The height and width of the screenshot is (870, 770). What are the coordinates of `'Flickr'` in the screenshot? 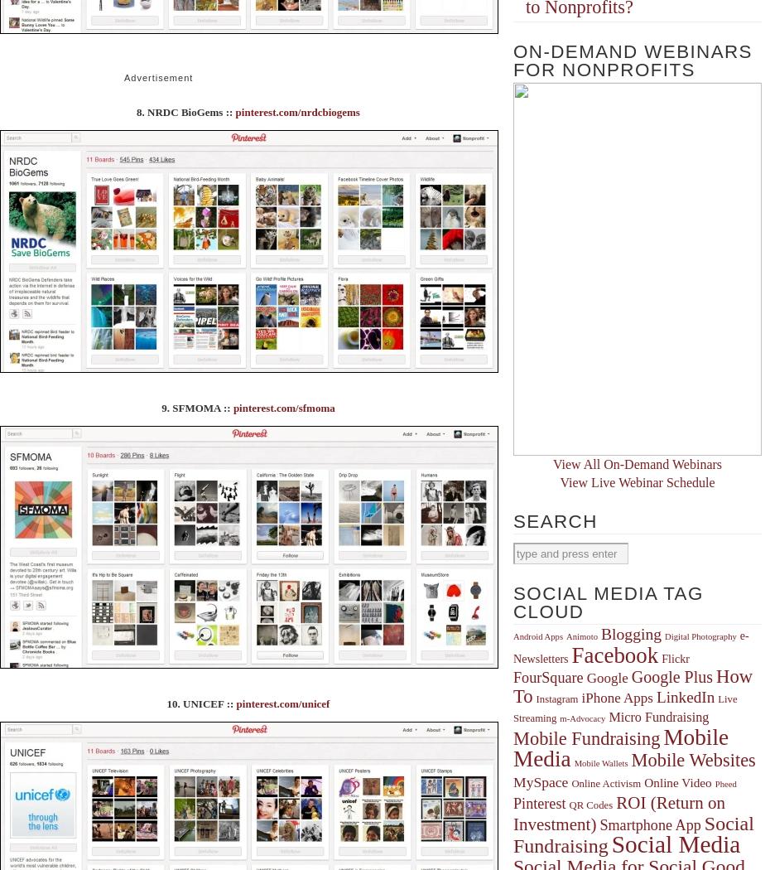 It's located at (674, 657).